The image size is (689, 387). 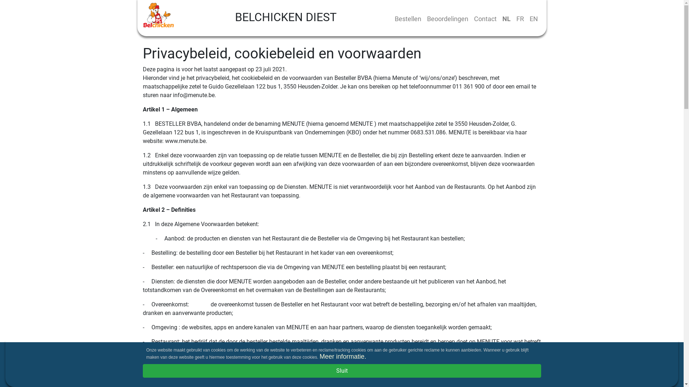 What do you see at coordinates (408, 18) in the screenshot?
I see `'Bestellen'` at bounding box center [408, 18].